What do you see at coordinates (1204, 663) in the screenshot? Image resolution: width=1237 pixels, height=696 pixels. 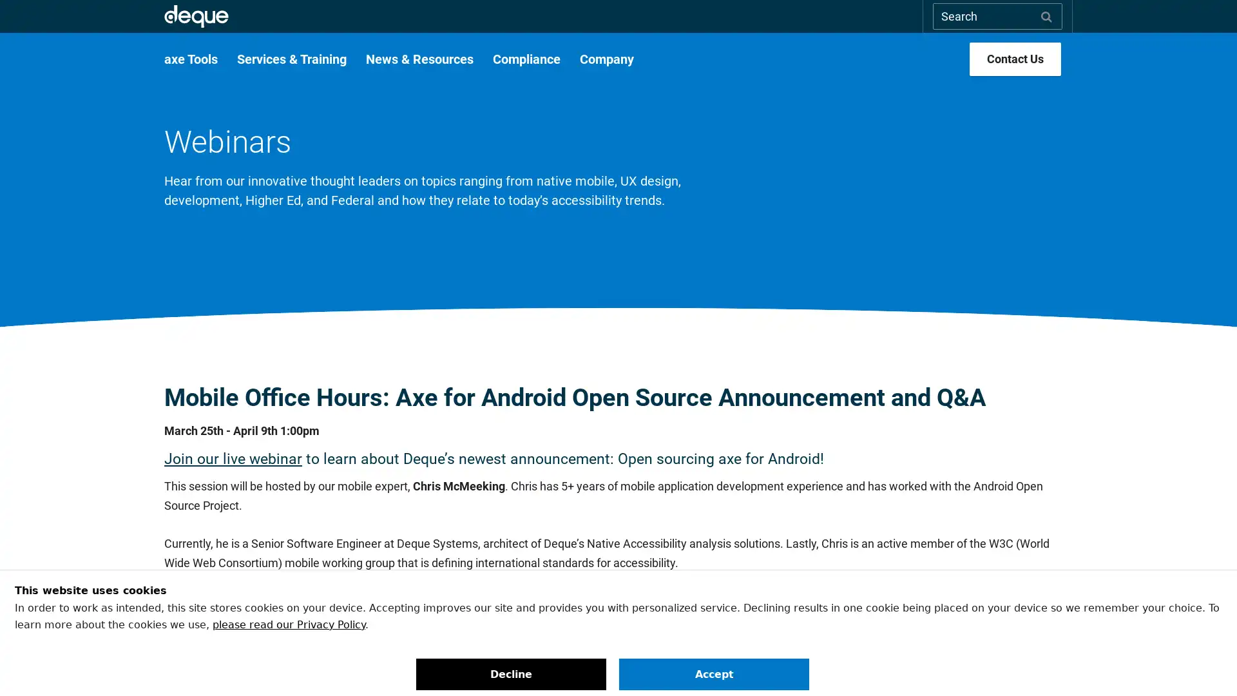 I see `Open Intercom Messenger` at bounding box center [1204, 663].